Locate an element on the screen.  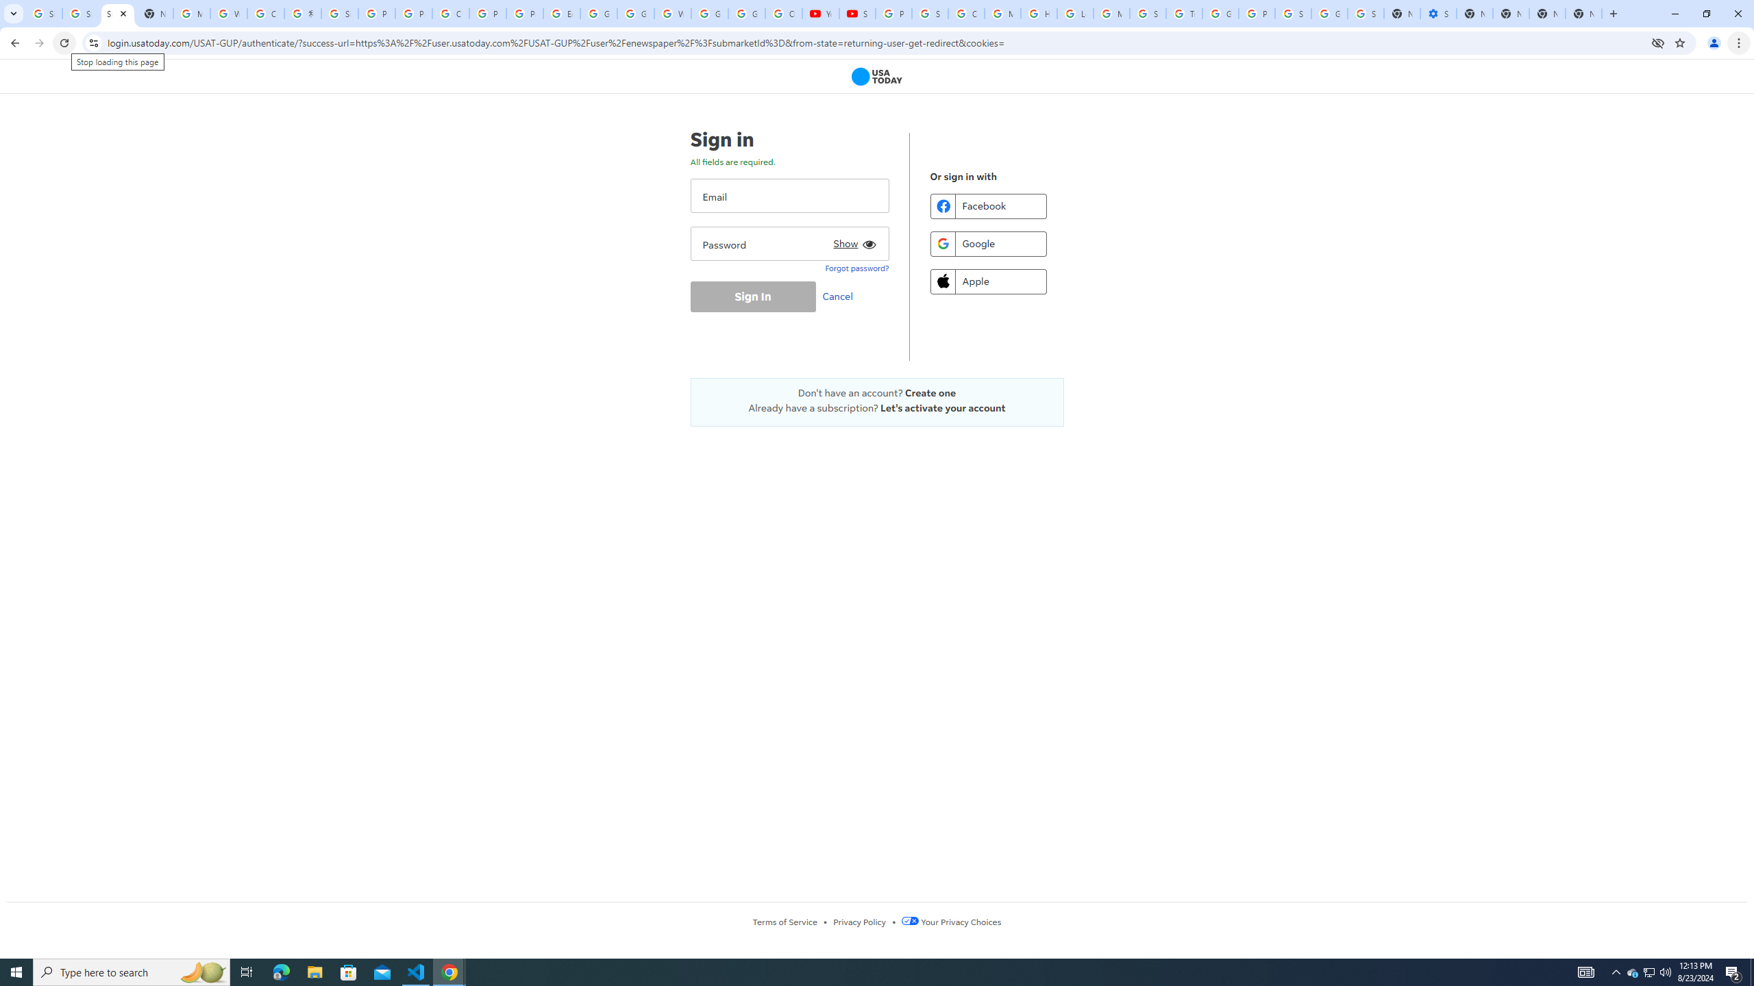
'Welcome to My Activity' is located at coordinates (673, 13).